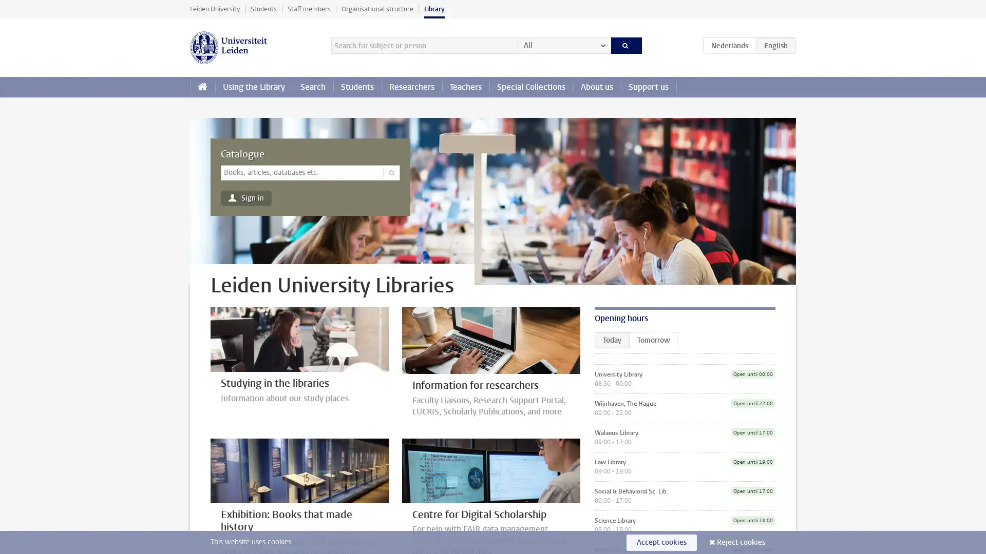 The height and width of the screenshot is (554, 986). I want to click on Search, so click(625, 45).